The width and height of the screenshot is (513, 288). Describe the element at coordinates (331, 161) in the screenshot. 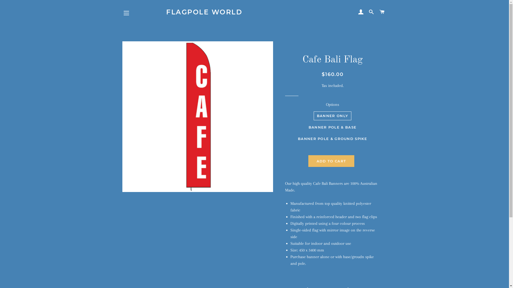

I see `'ADD TO CART'` at that location.